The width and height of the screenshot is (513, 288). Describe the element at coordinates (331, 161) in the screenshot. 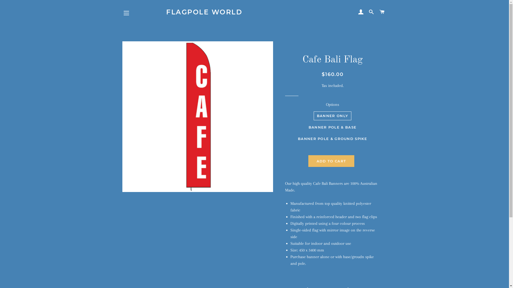

I see `'ADD TO CART'` at that location.